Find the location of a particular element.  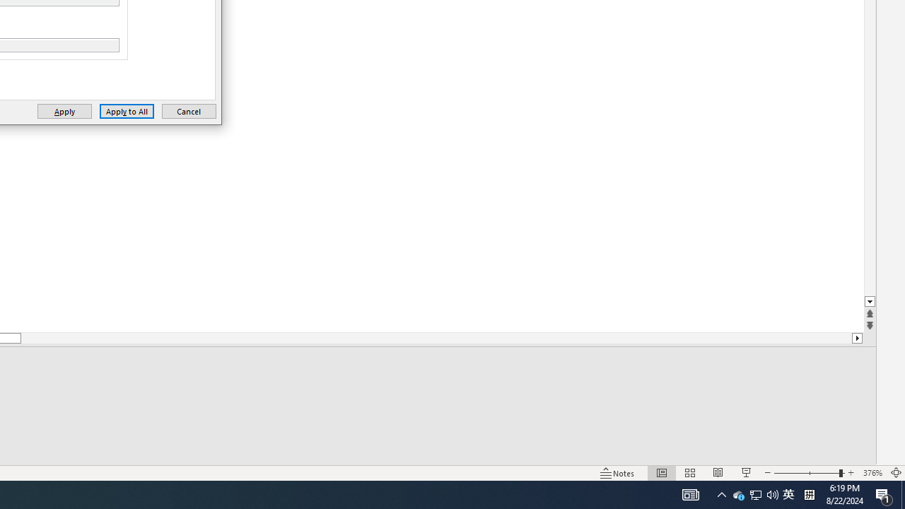

'Zoom 376%' is located at coordinates (872, 473).